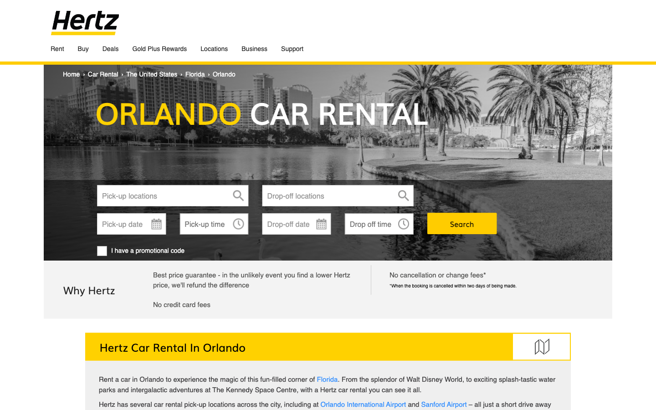 Image resolution: width=656 pixels, height=410 pixels. What do you see at coordinates (172, 195) in the screenshot?
I see `Input "Florida" into the location search bar` at bounding box center [172, 195].